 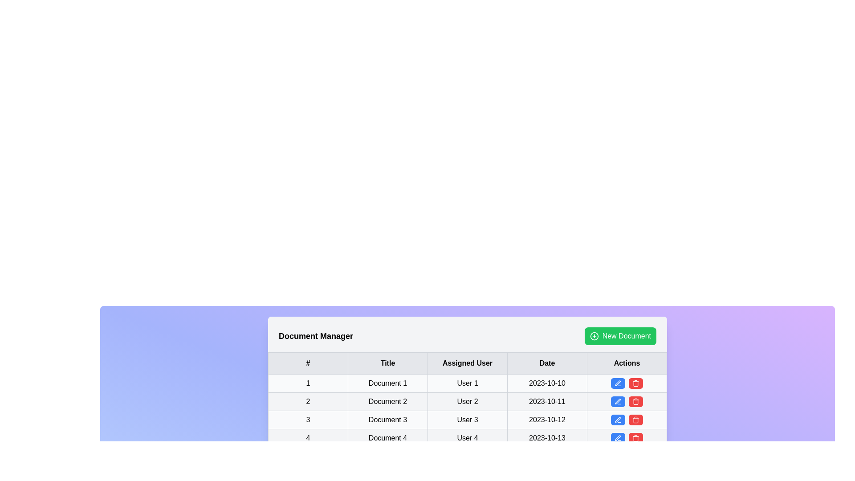 What do you see at coordinates (467, 402) in the screenshot?
I see `the 'Assigned User' text element located in the third column of the second row of the table, which displays the name of the user assigned to the task` at bounding box center [467, 402].